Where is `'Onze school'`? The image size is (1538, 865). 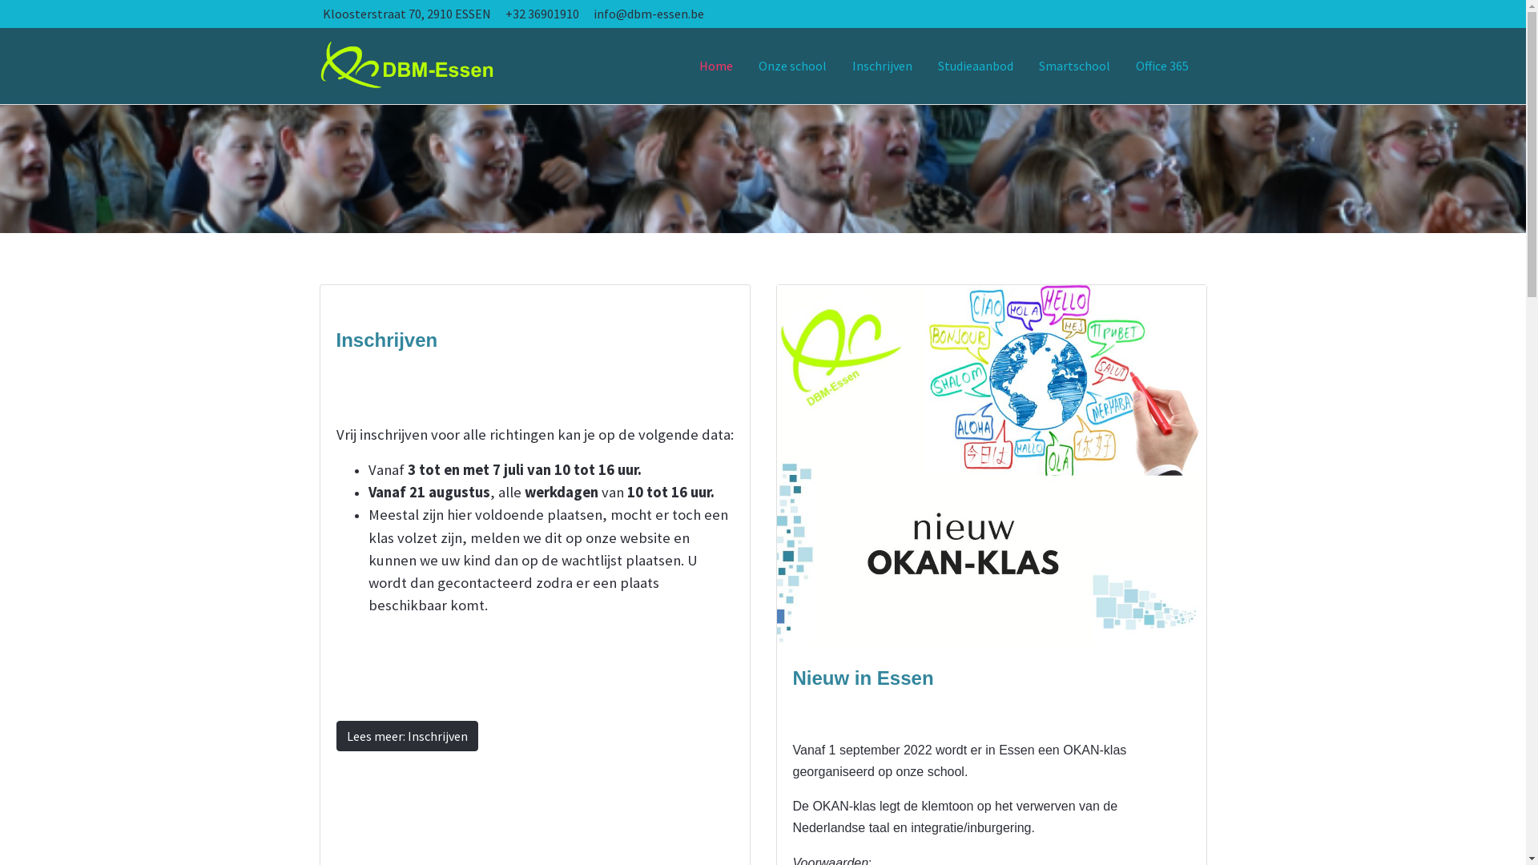
'Onze school' is located at coordinates (791, 65).